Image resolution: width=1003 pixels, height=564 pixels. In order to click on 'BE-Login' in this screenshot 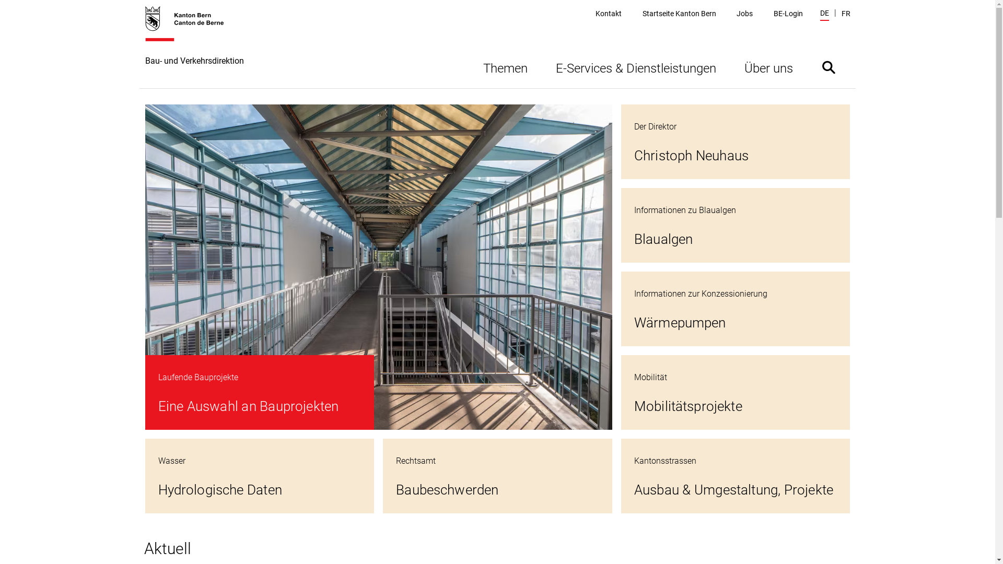, I will do `click(788, 14)`.